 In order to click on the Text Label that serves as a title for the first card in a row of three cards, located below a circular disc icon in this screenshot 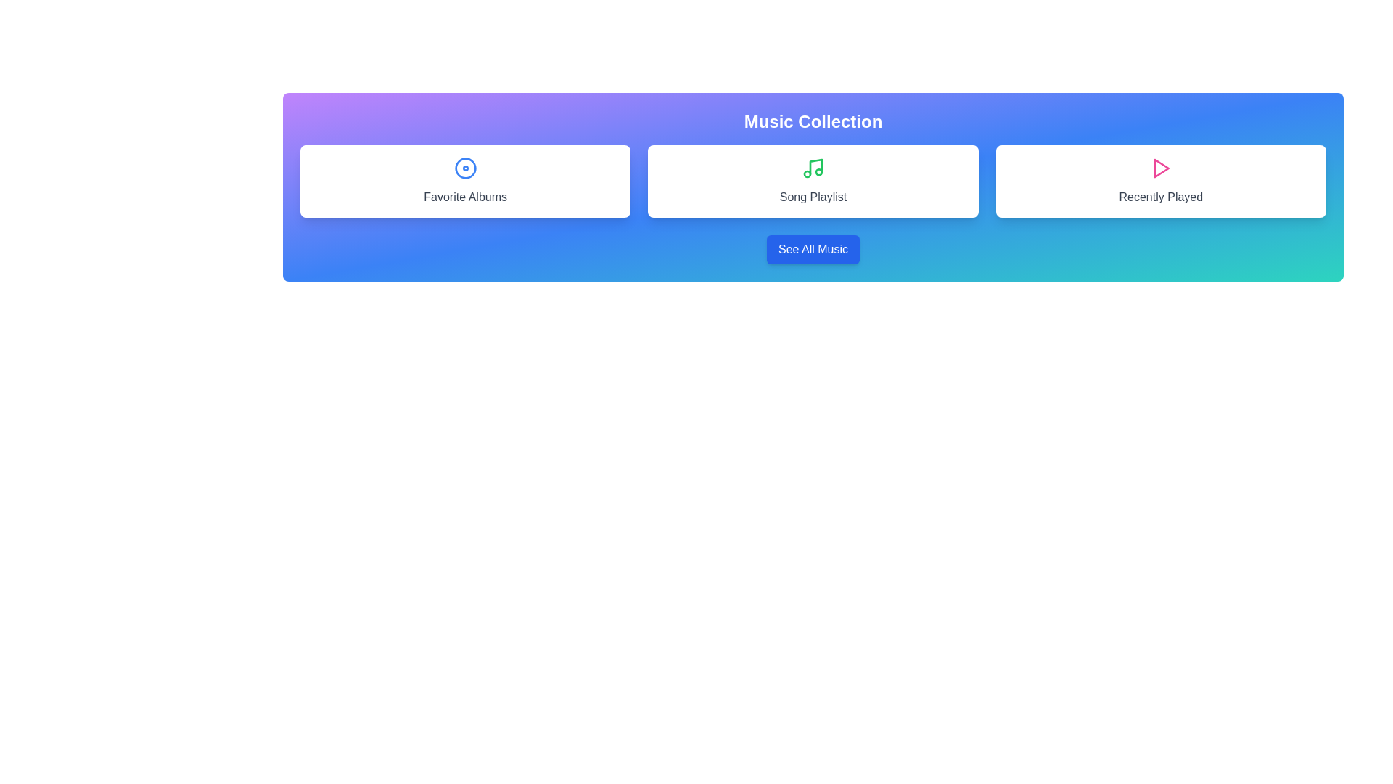, I will do `click(465, 197)`.